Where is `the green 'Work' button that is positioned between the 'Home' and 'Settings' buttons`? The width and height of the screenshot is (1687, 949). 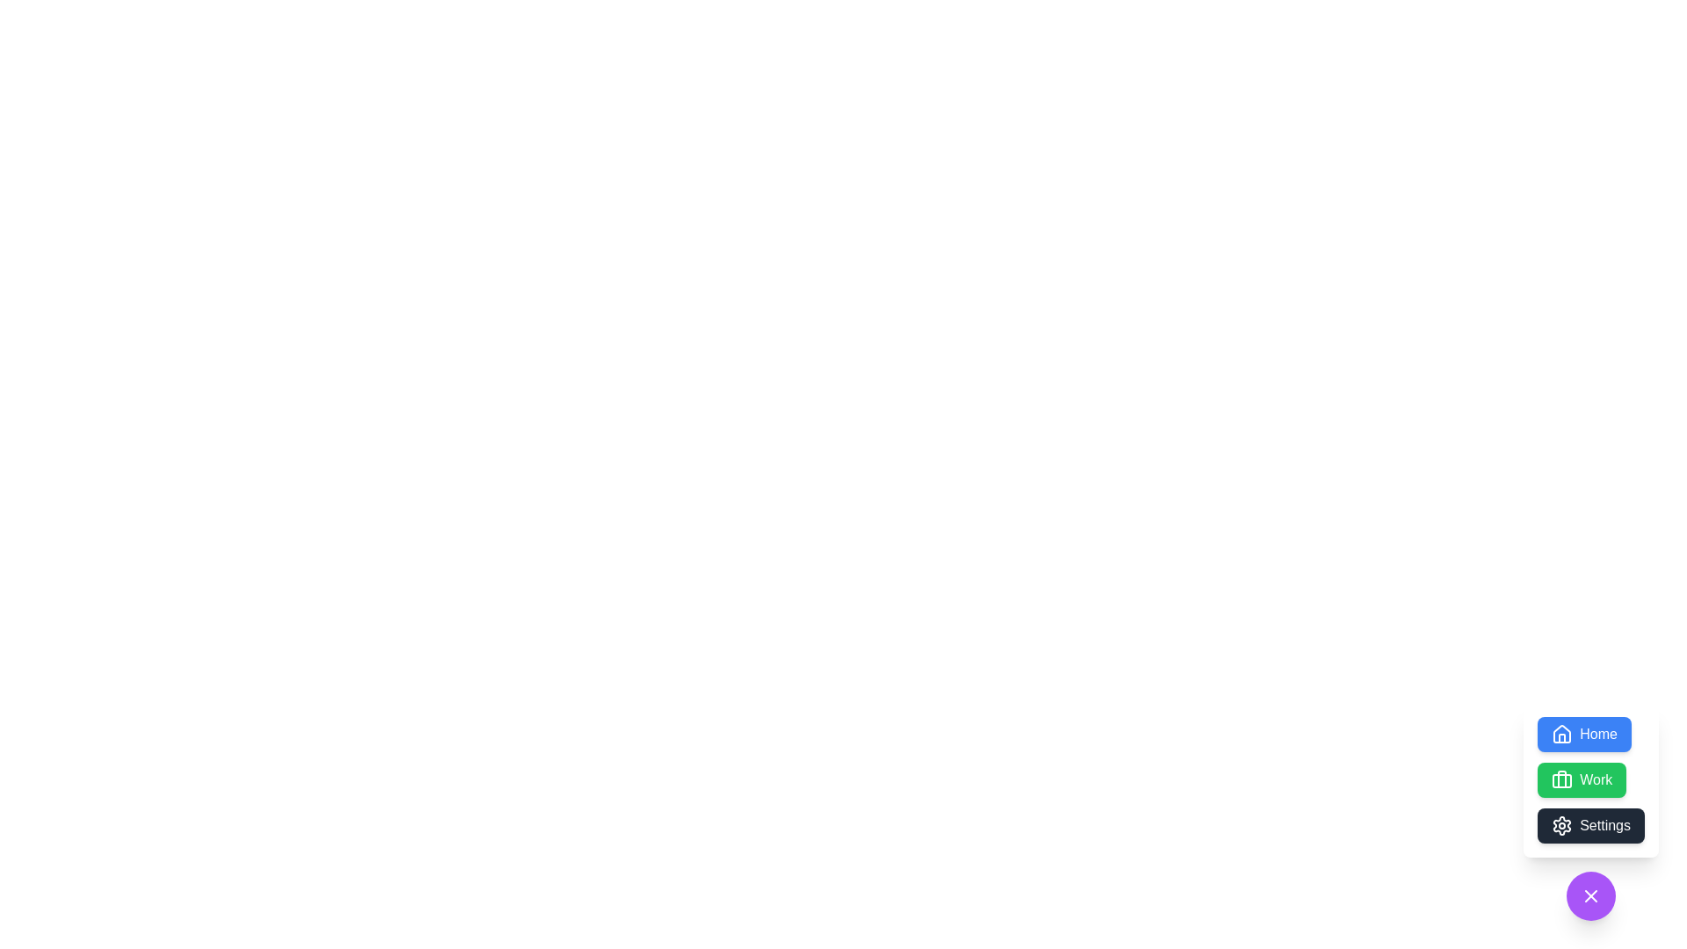 the green 'Work' button that is positioned between the 'Home' and 'Settings' buttons is located at coordinates (1582, 779).